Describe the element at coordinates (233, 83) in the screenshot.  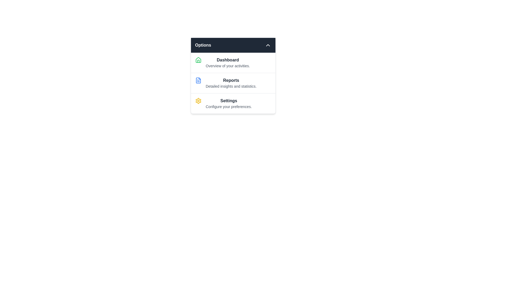
I see `the 'Reports' menu item in the dropdown menu to navigate` at that location.